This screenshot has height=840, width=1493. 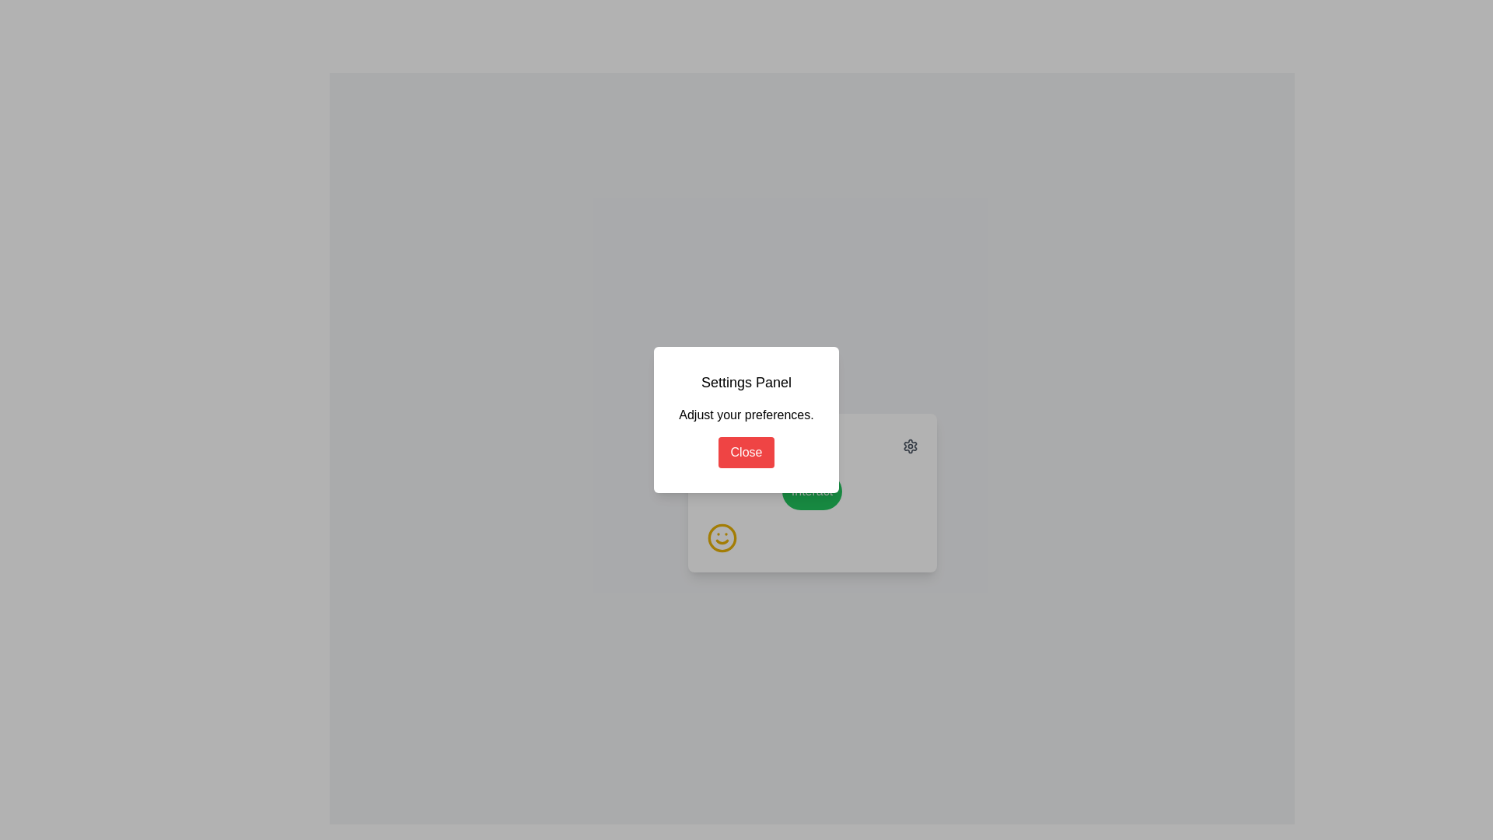 I want to click on the gear icon in the bottom right corner of the main card interface to invoke its settings functionality, so click(x=910, y=446).